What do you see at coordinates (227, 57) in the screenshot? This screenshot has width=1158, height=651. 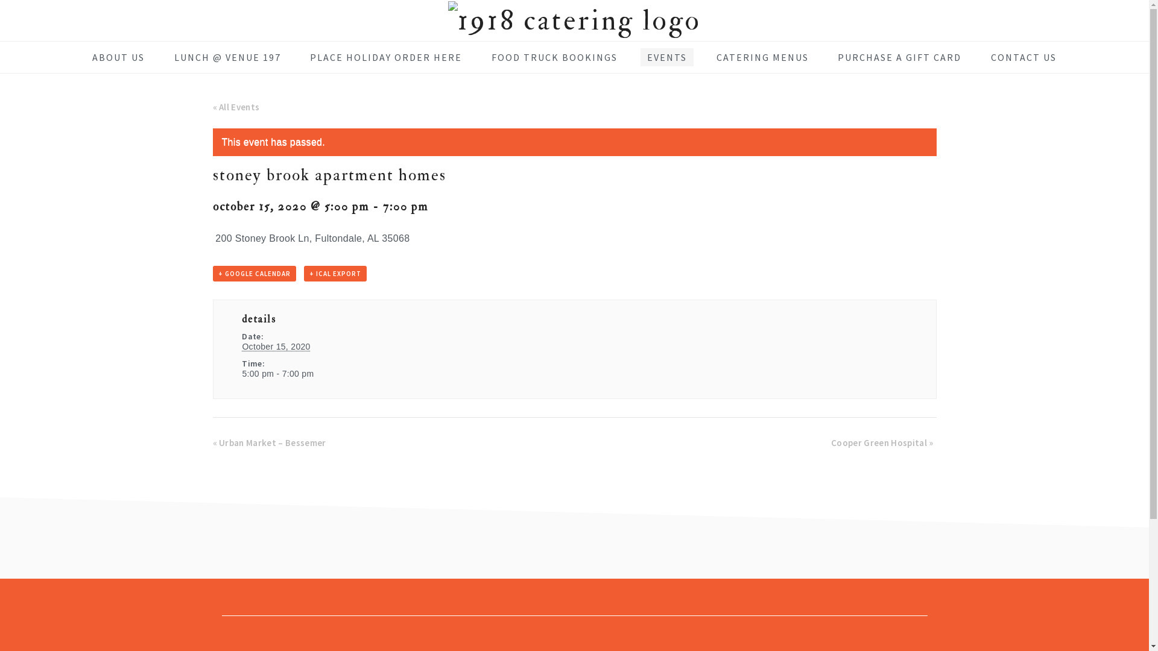 I see `'LUNCH @ VENUE 197'` at bounding box center [227, 57].